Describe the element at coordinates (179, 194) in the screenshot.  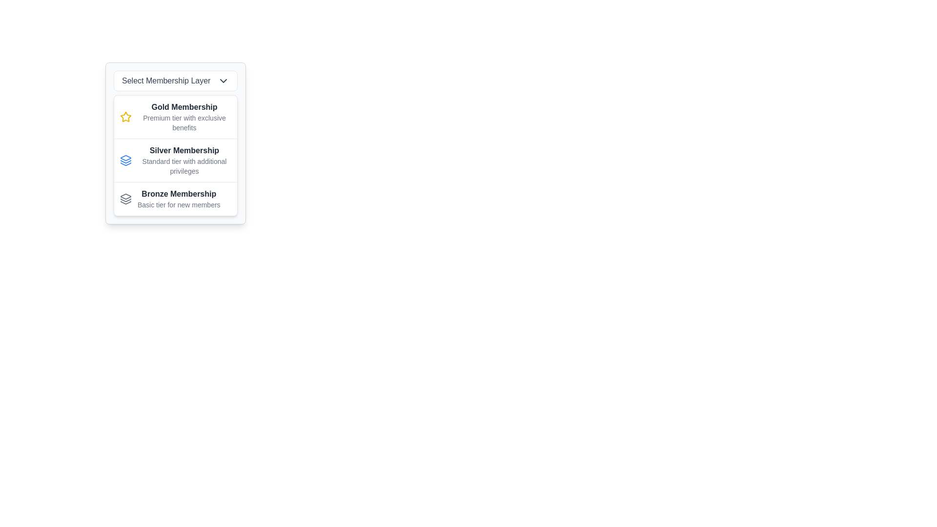
I see `the bold-styled 'Bronze Membership' text label, which is the title in the third section of membership options` at that location.